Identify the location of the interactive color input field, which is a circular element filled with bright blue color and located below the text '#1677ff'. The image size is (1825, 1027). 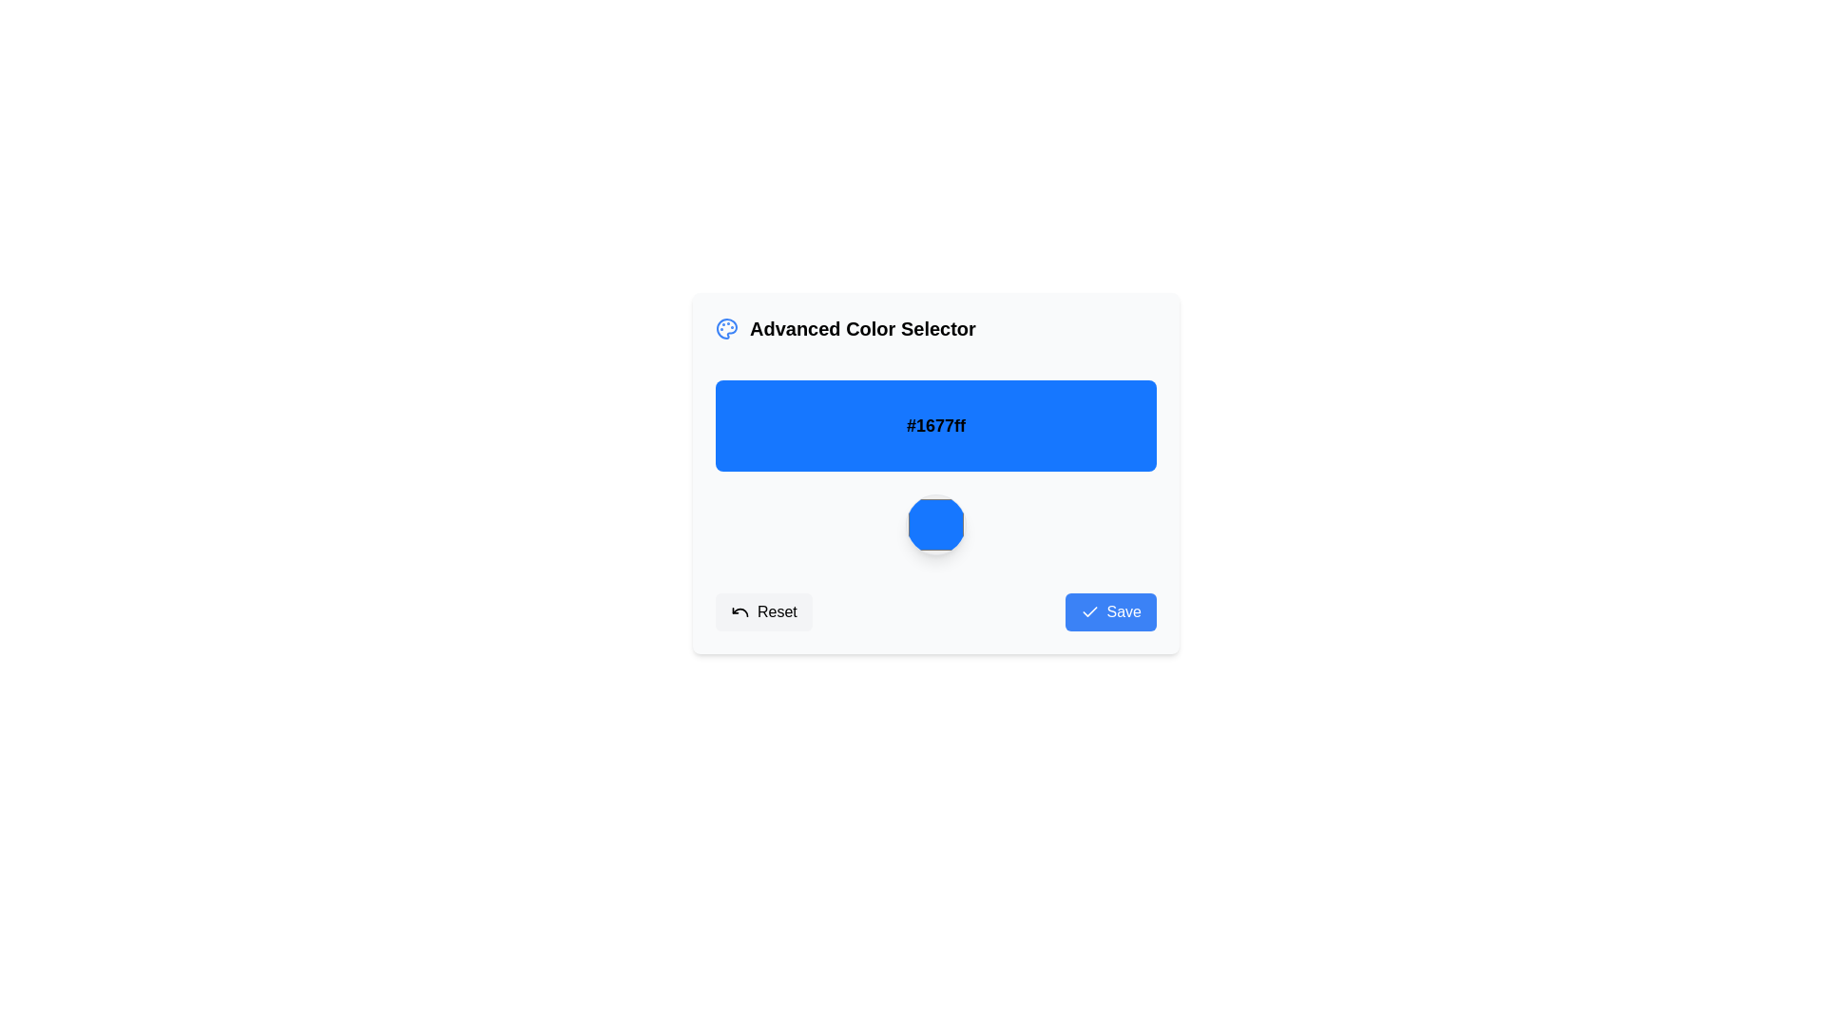
(935, 524).